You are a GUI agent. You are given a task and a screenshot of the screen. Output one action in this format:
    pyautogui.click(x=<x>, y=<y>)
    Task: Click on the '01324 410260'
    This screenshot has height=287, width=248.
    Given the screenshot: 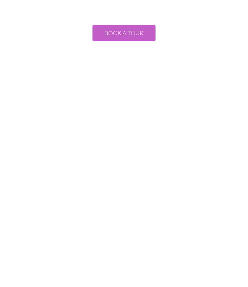 What is the action you would take?
    pyautogui.click(x=124, y=191)
    